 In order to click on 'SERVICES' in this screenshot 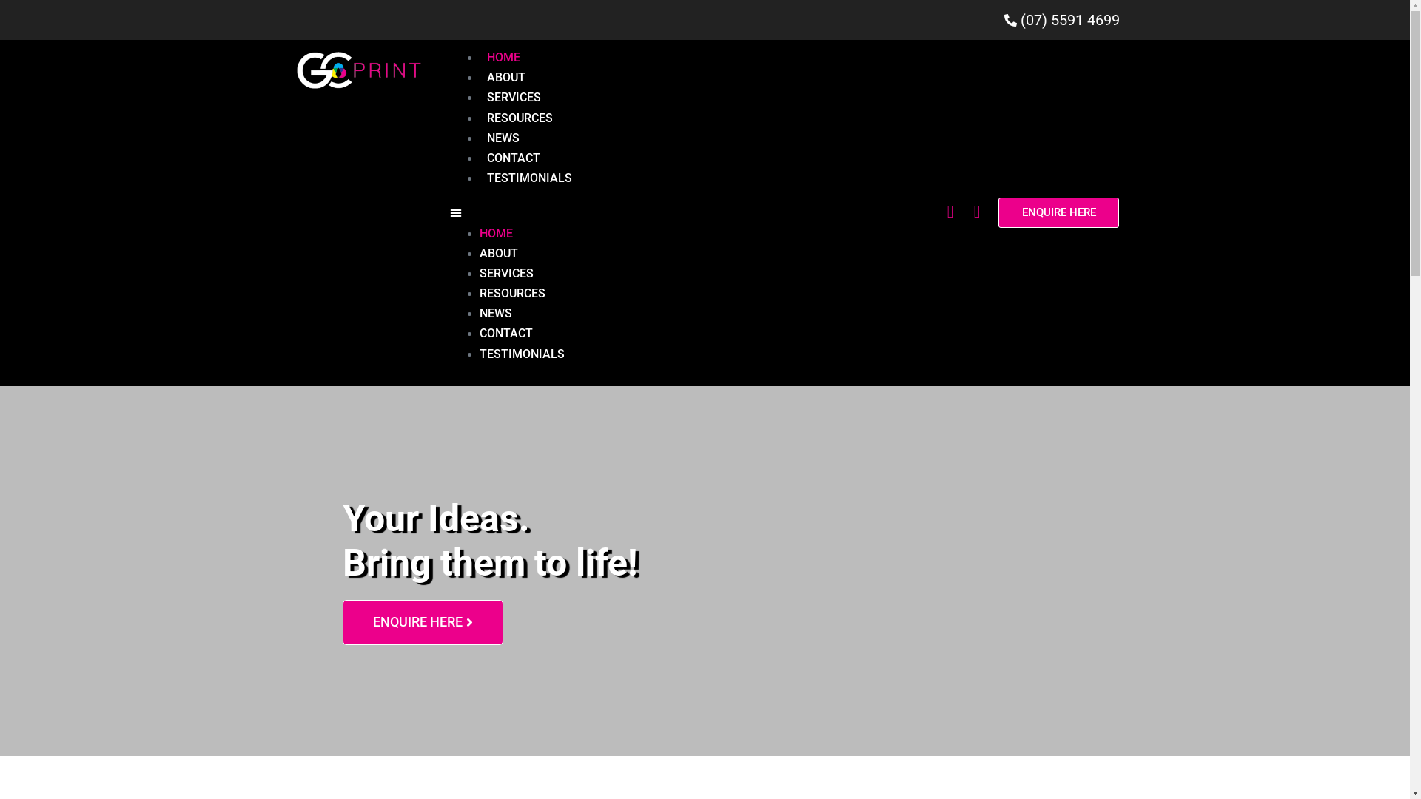, I will do `click(514, 97)`.